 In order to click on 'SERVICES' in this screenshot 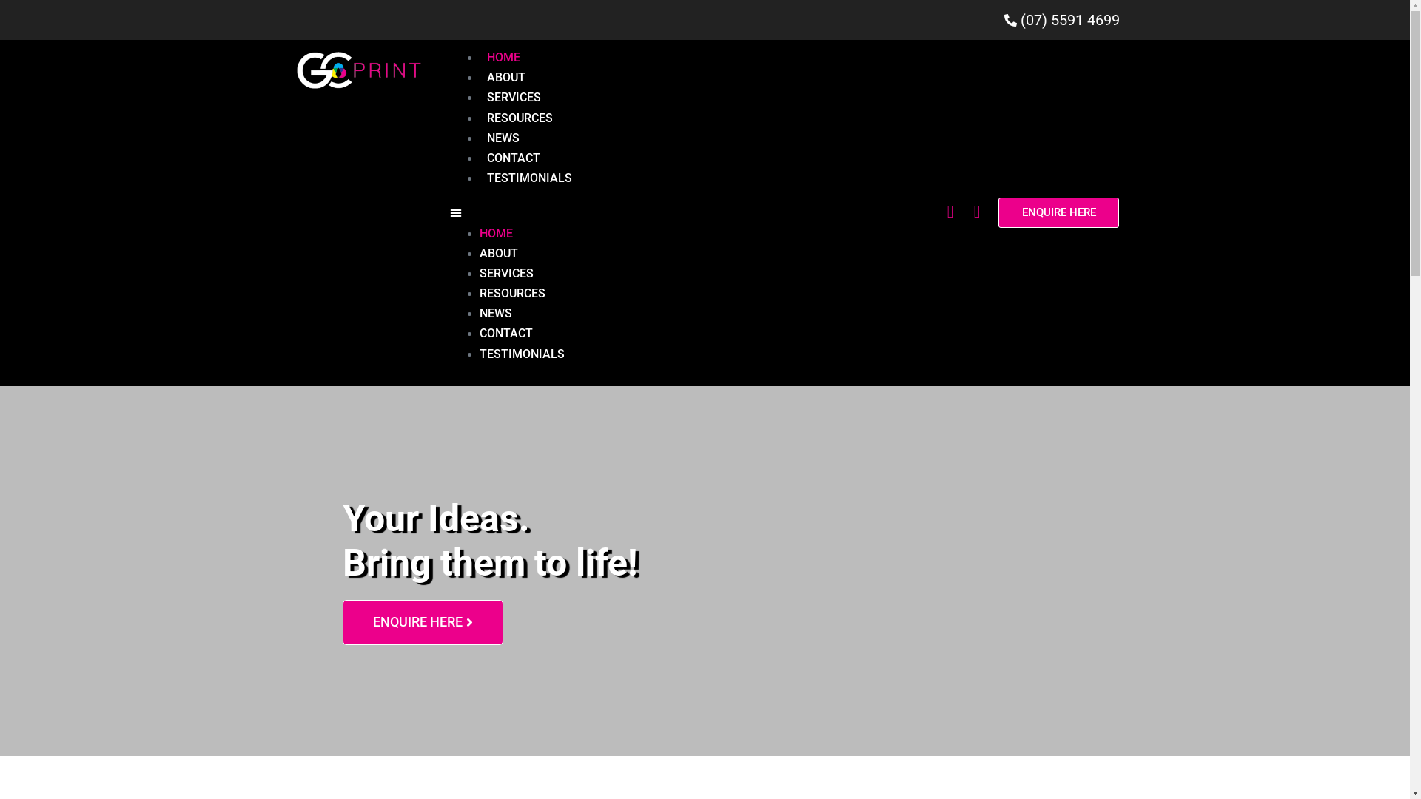, I will do `click(514, 97)`.